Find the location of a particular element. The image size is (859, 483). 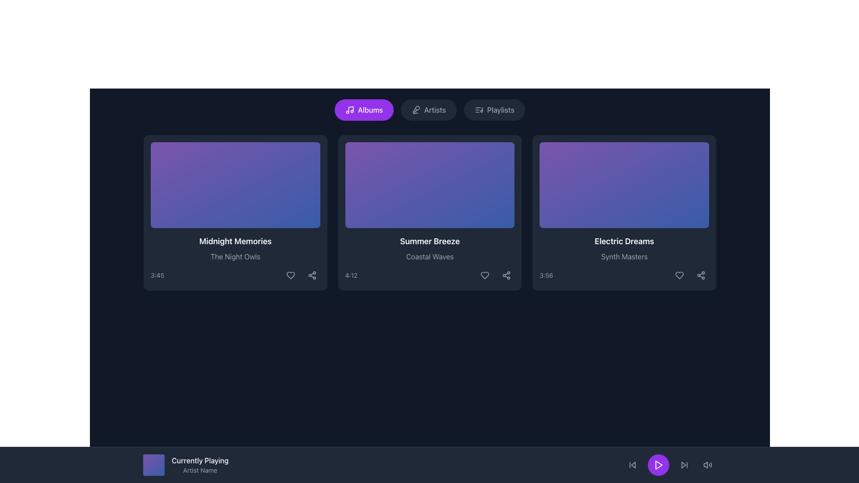

the favorite icon at the bottom-right corner of the 'Midnight Memories' card to mark the item as a favorite is located at coordinates (290, 275).